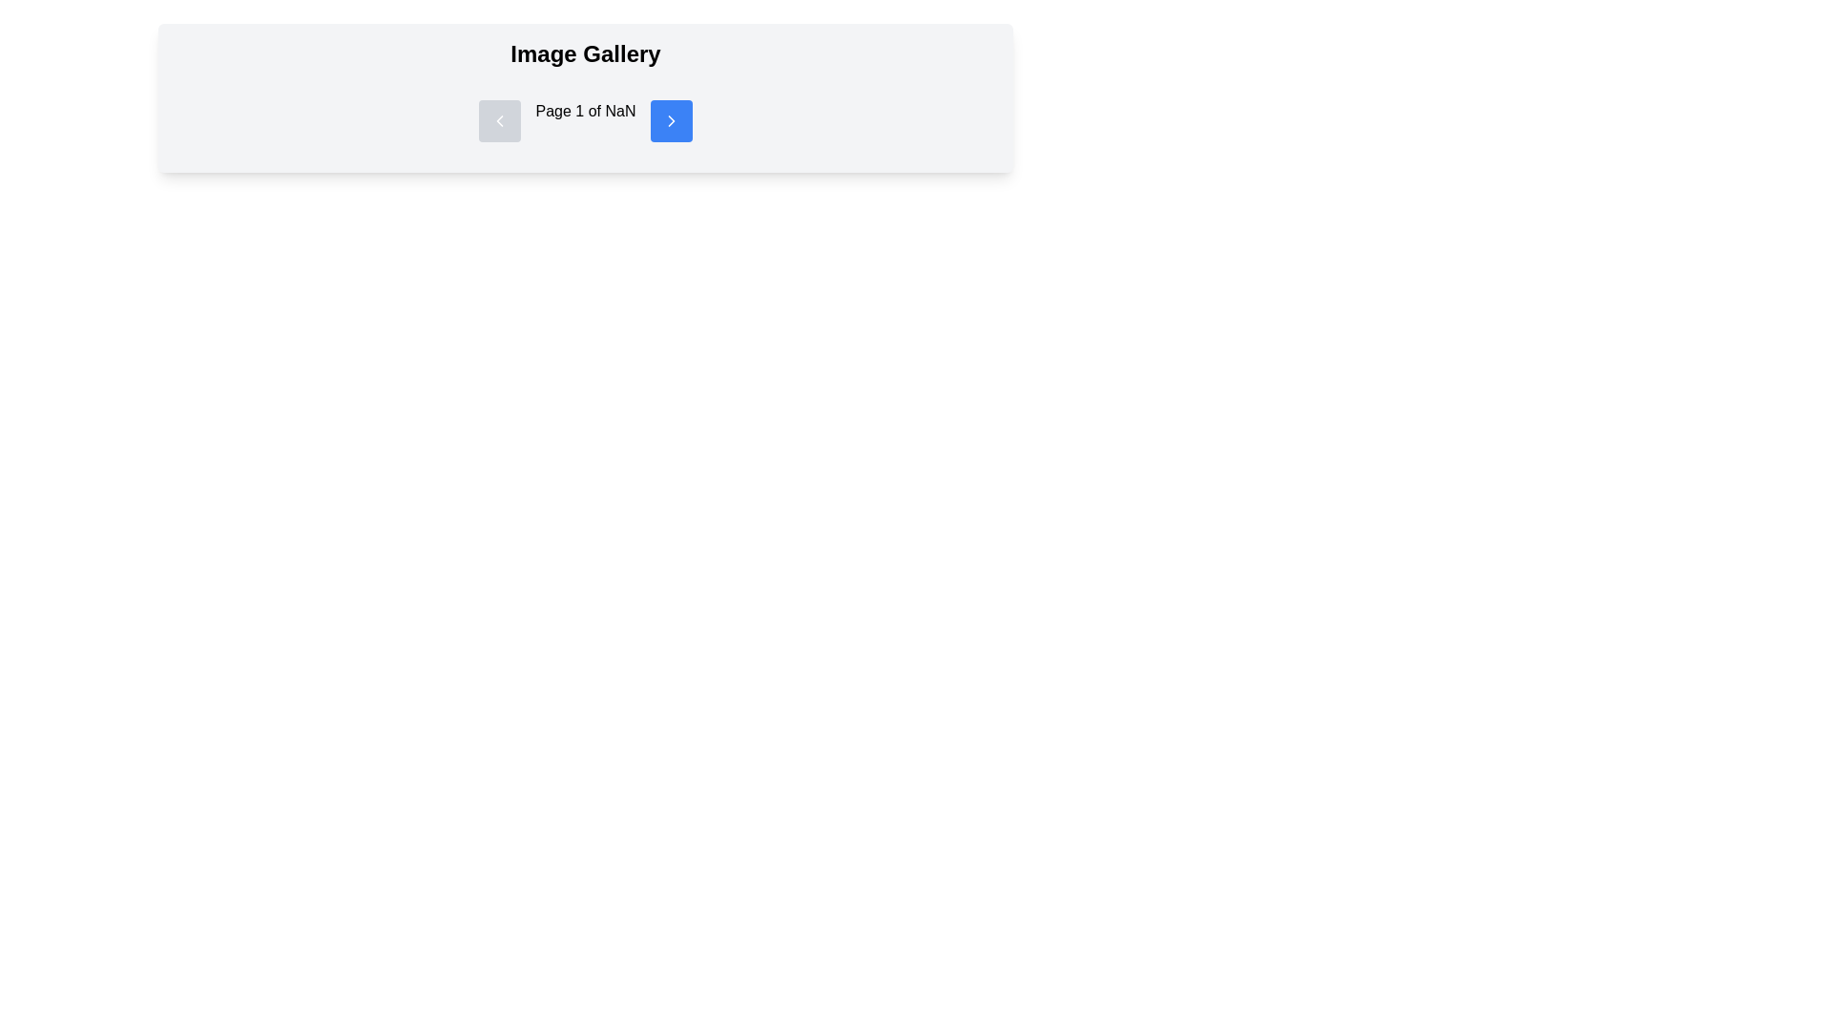 Image resolution: width=1832 pixels, height=1031 pixels. Describe the element at coordinates (672, 121) in the screenshot. I see `the forward navigation button located in the navigation bar of the gallery, positioned to the right of 'Page 1 of NaN' and adjacent to the left navigation button with a leftward arrow icon, to go to the next page` at that location.